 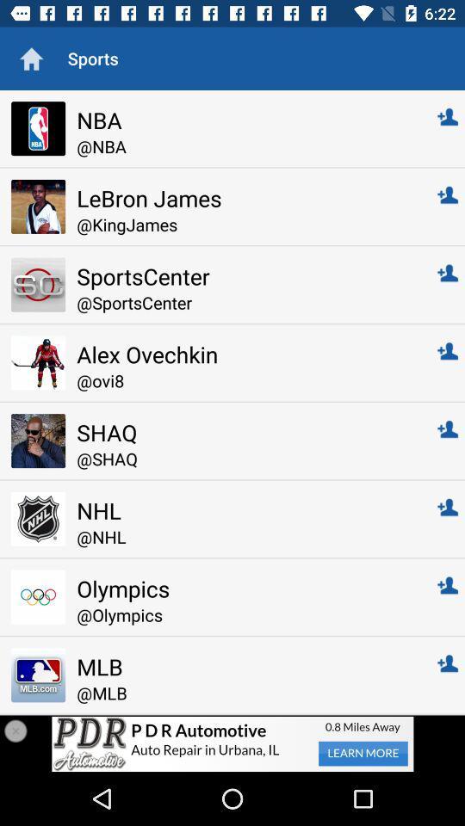 What do you see at coordinates (245, 198) in the screenshot?
I see `lebron james item` at bounding box center [245, 198].